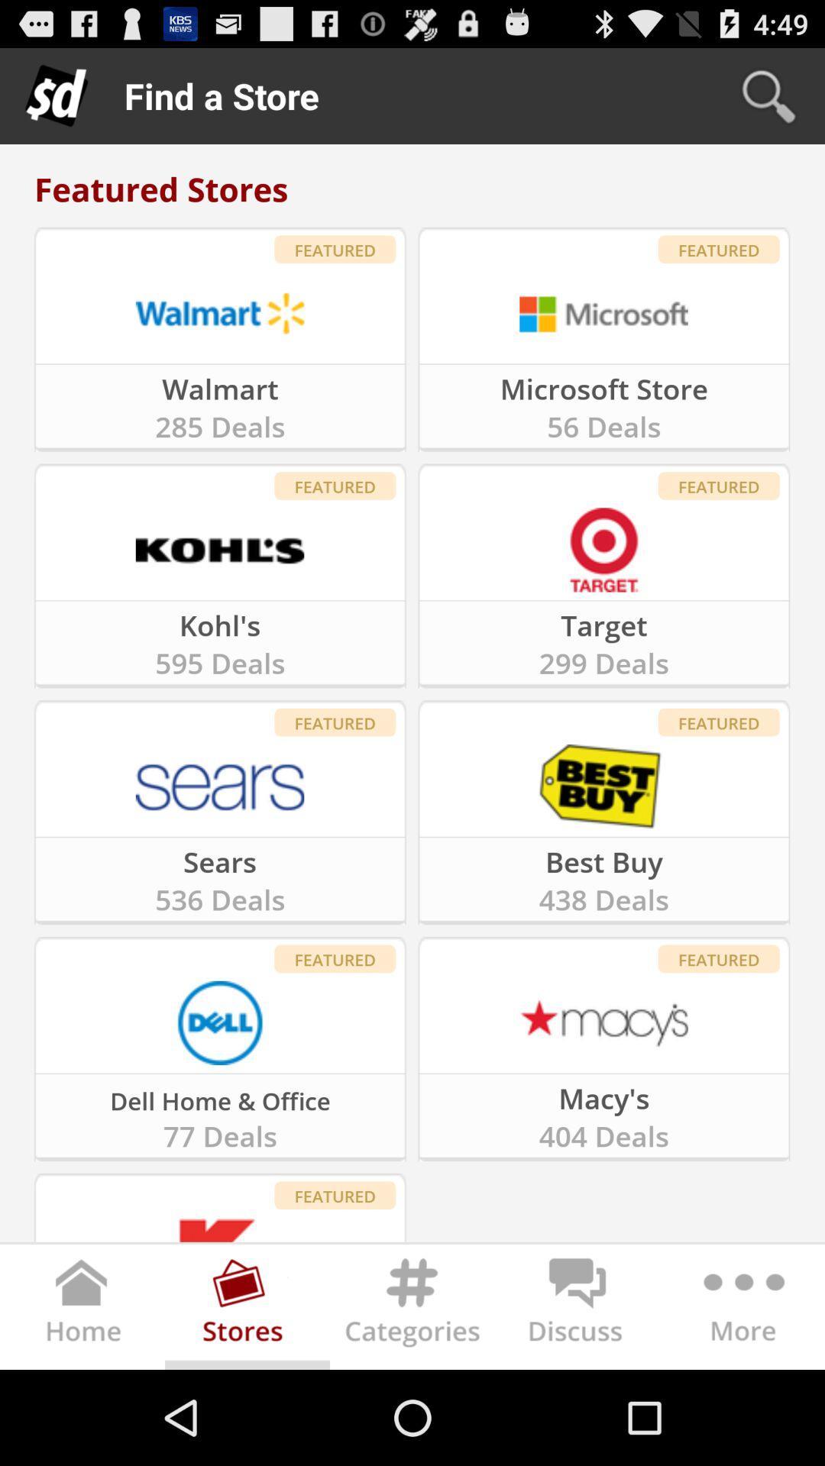 The width and height of the screenshot is (825, 1466). What do you see at coordinates (577, 1402) in the screenshot?
I see `the chat icon` at bounding box center [577, 1402].